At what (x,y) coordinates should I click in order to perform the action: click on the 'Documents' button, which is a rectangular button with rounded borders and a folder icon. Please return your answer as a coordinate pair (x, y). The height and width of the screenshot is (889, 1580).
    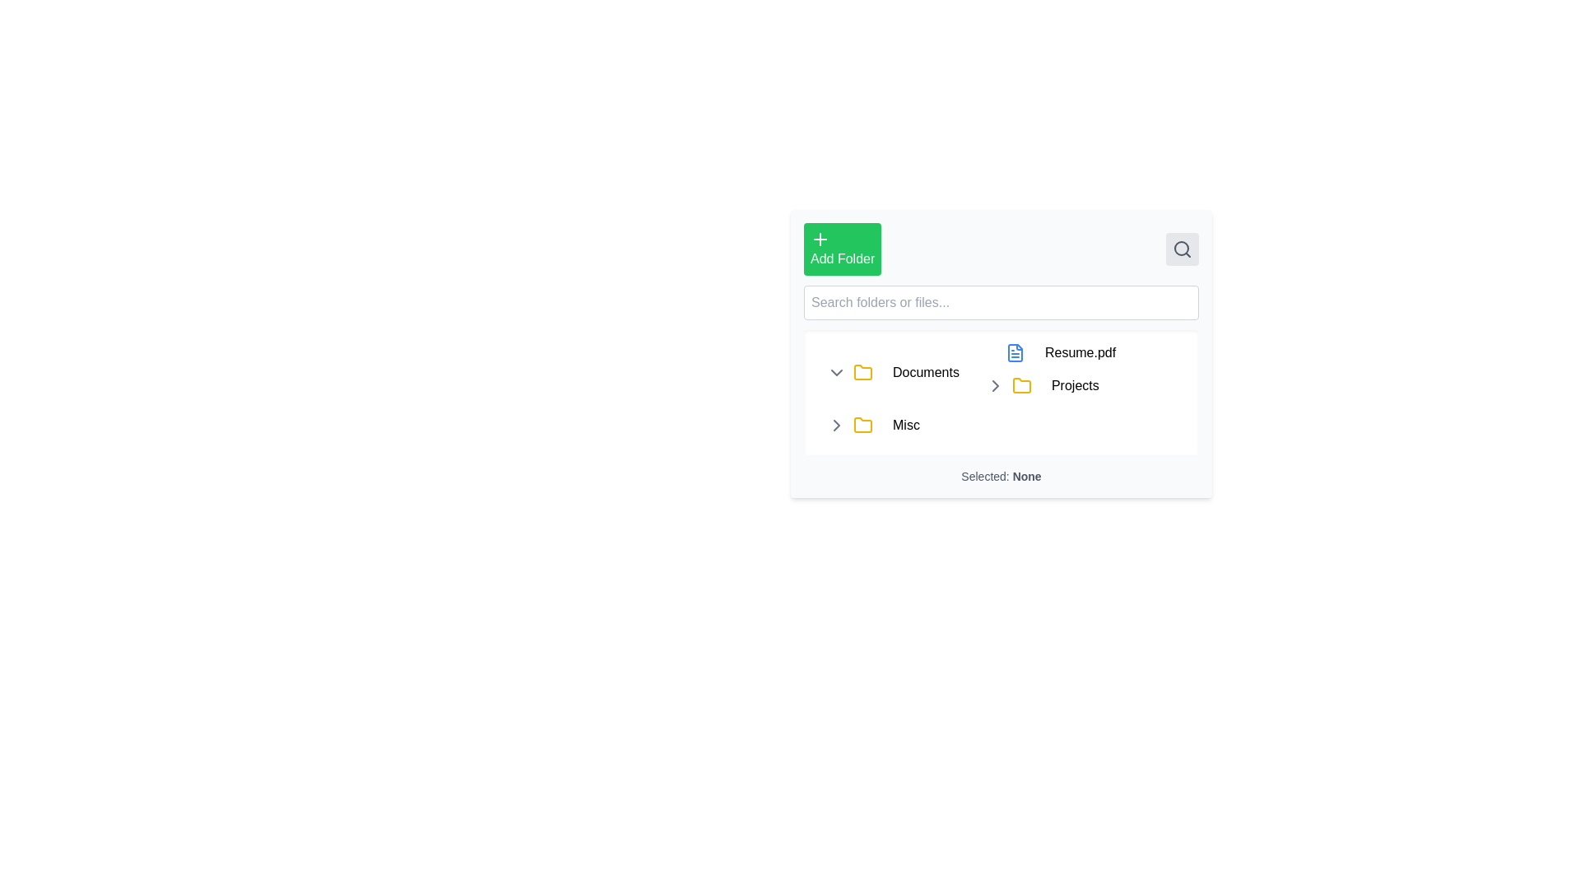
    Looking at the image, I should click on (926, 372).